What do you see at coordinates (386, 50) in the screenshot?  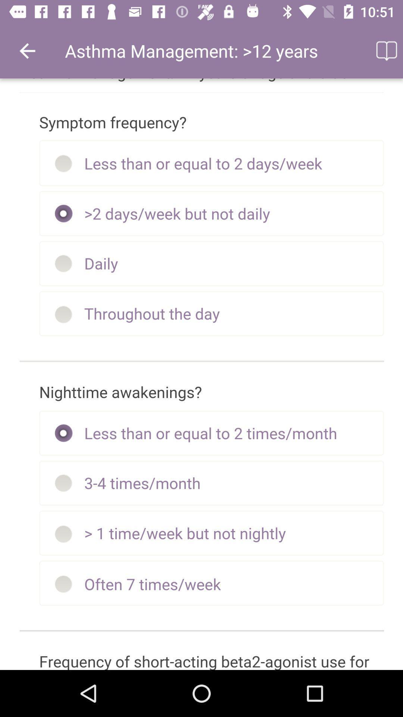 I see `the icon next to the asthma management 12 icon` at bounding box center [386, 50].